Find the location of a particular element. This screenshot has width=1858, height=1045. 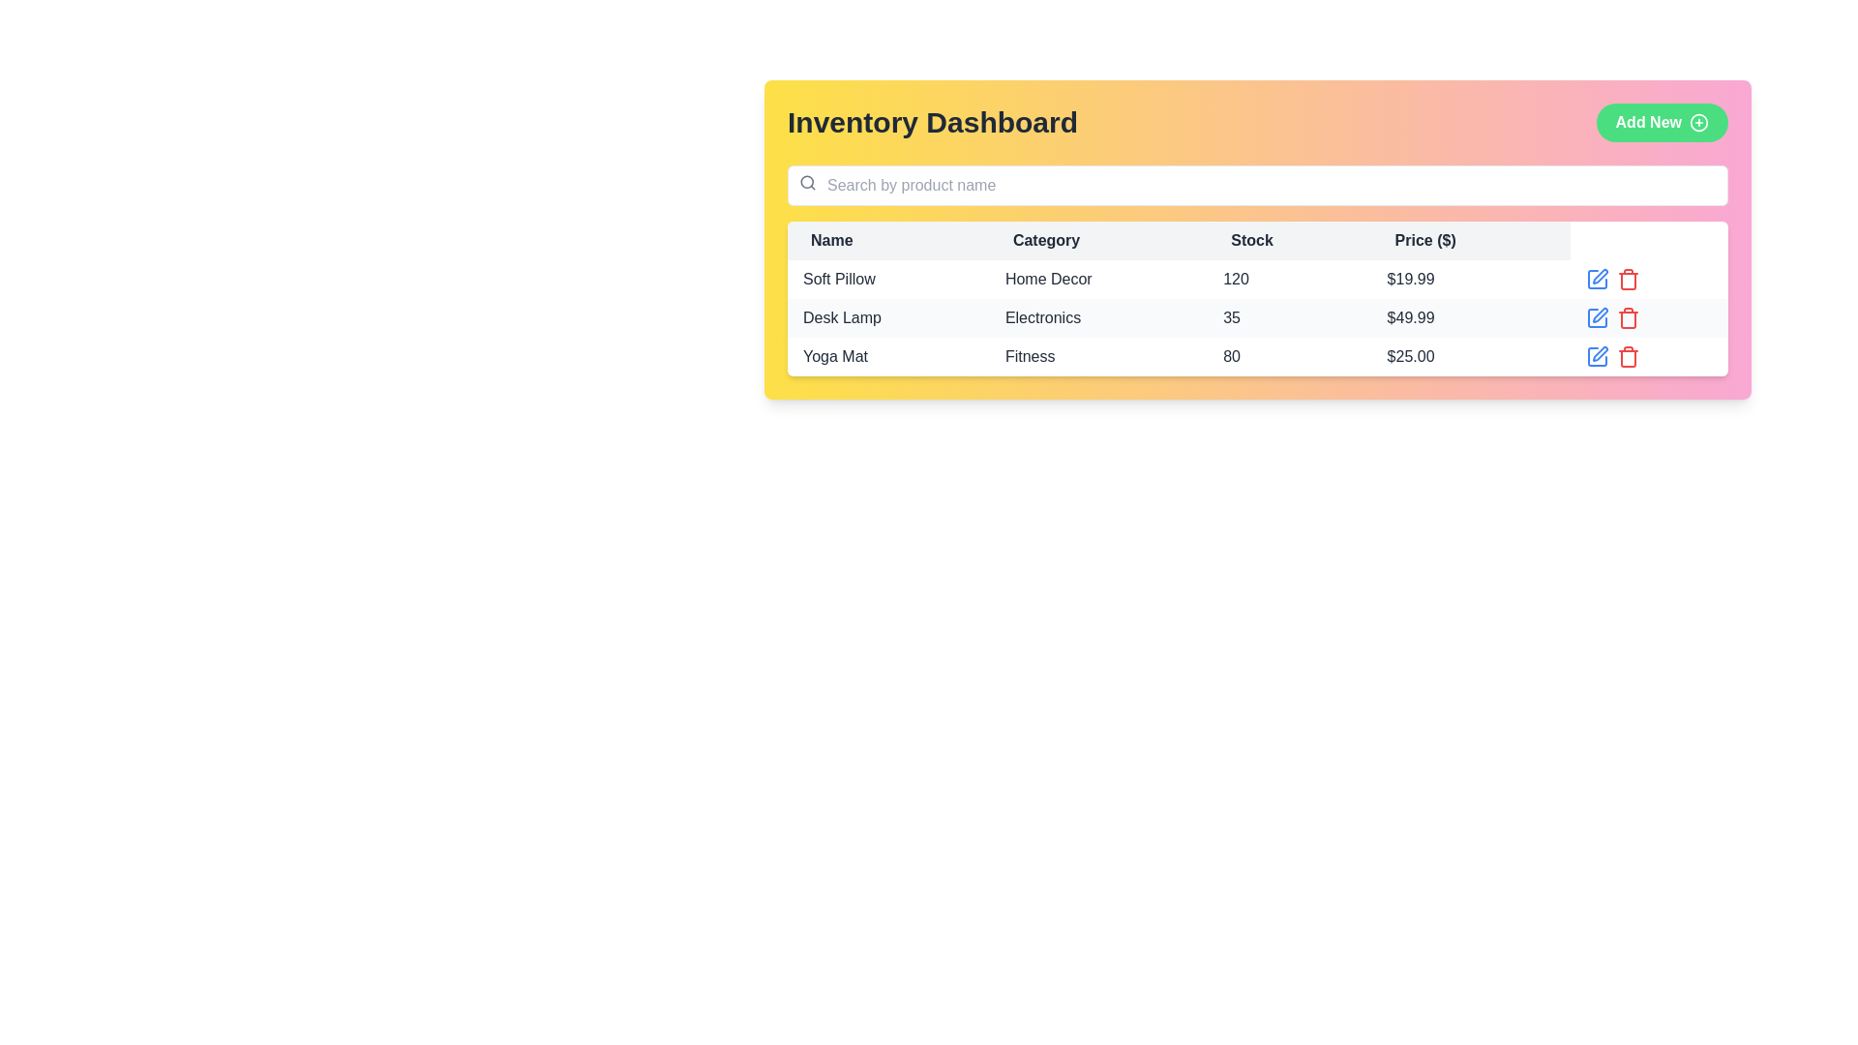

SVG Circle within the Icon element located on the button labeled 'Add New' in the top-right corner of the interface is located at coordinates (1698, 122).